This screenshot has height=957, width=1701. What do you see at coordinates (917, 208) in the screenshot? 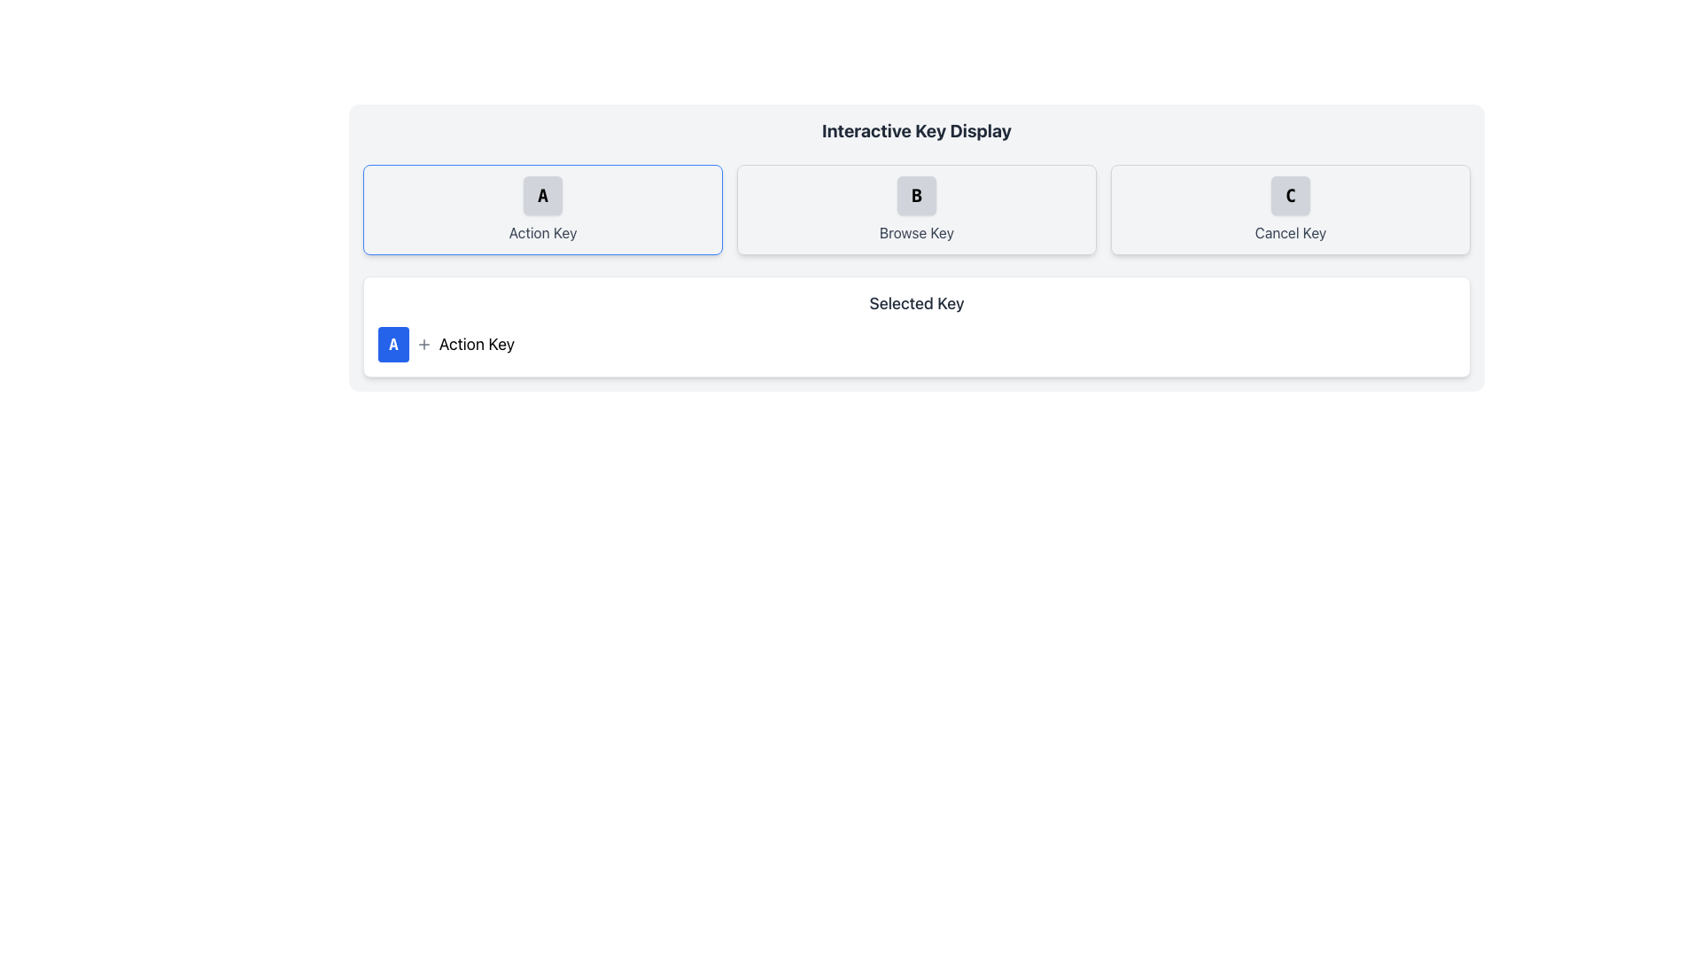
I see `the 'Browse Key' button, which is the center button in a horizontal grid of three buttons` at bounding box center [917, 208].